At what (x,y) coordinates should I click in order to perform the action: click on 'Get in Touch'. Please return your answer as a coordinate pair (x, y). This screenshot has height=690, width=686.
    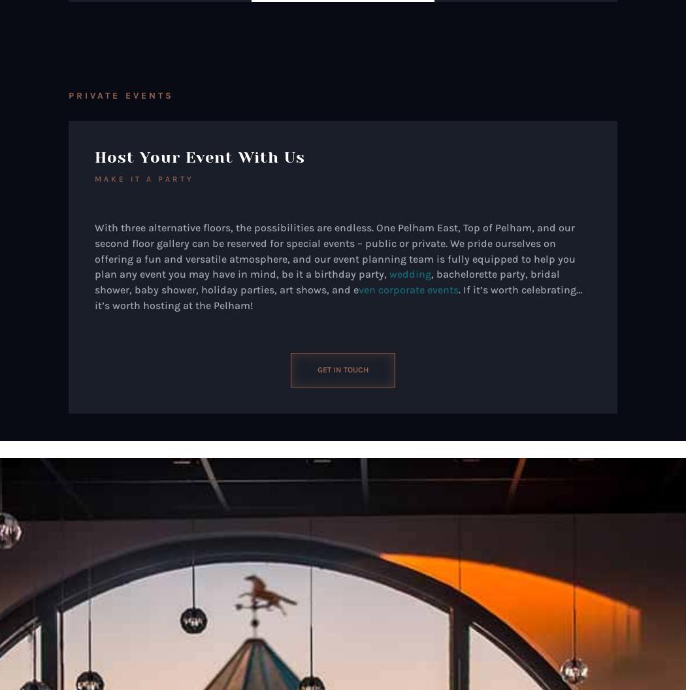
    Looking at the image, I should click on (512, 542).